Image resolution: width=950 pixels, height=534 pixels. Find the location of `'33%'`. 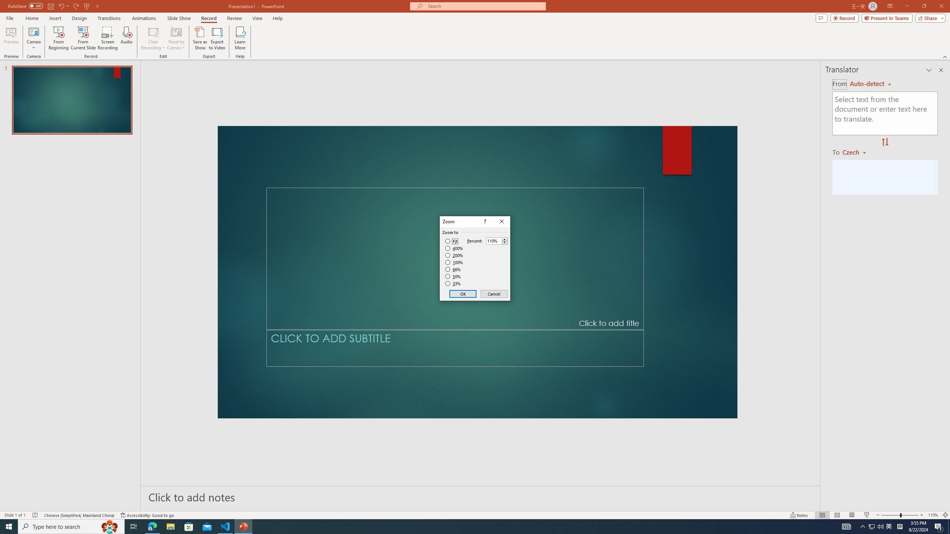

'33%' is located at coordinates (453, 284).